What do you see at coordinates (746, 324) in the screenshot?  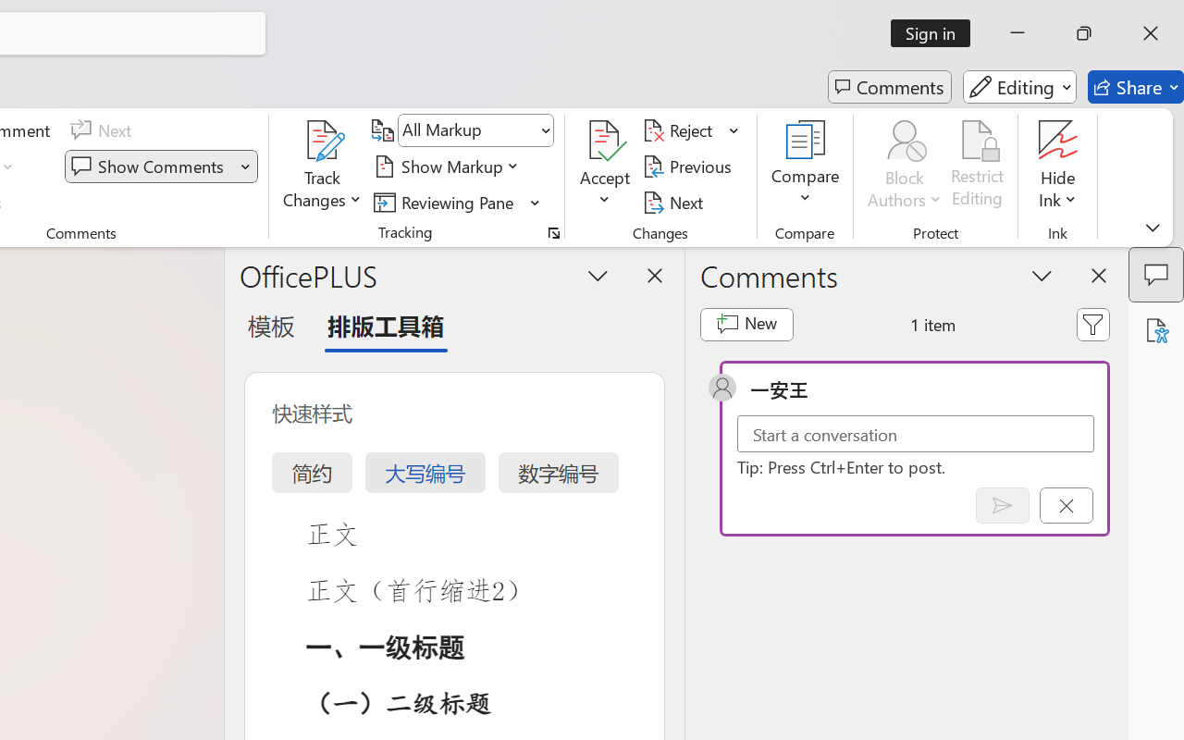 I see `'New comment'` at bounding box center [746, 324].